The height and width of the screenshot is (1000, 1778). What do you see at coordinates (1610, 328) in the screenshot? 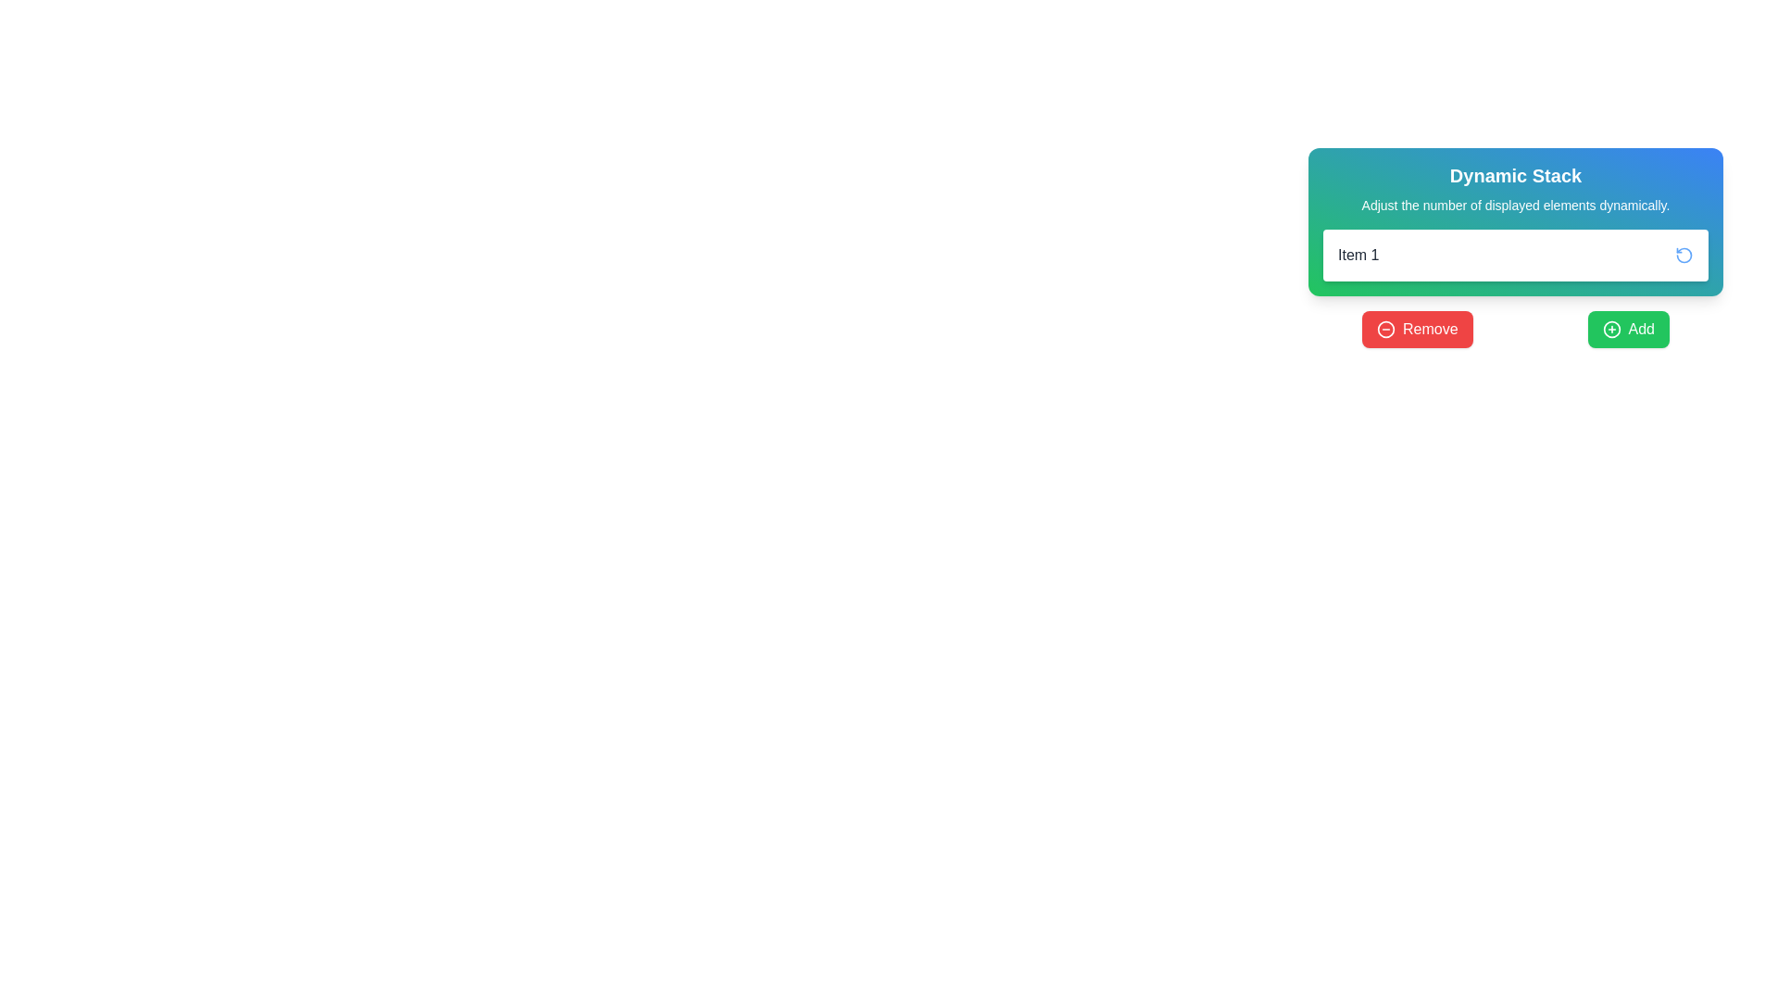
I see `the circular plus icon within the green 'Add' button located on the lower-right side of the interface under the Dynamic Stack heading` at bounding box center [1610, 328].